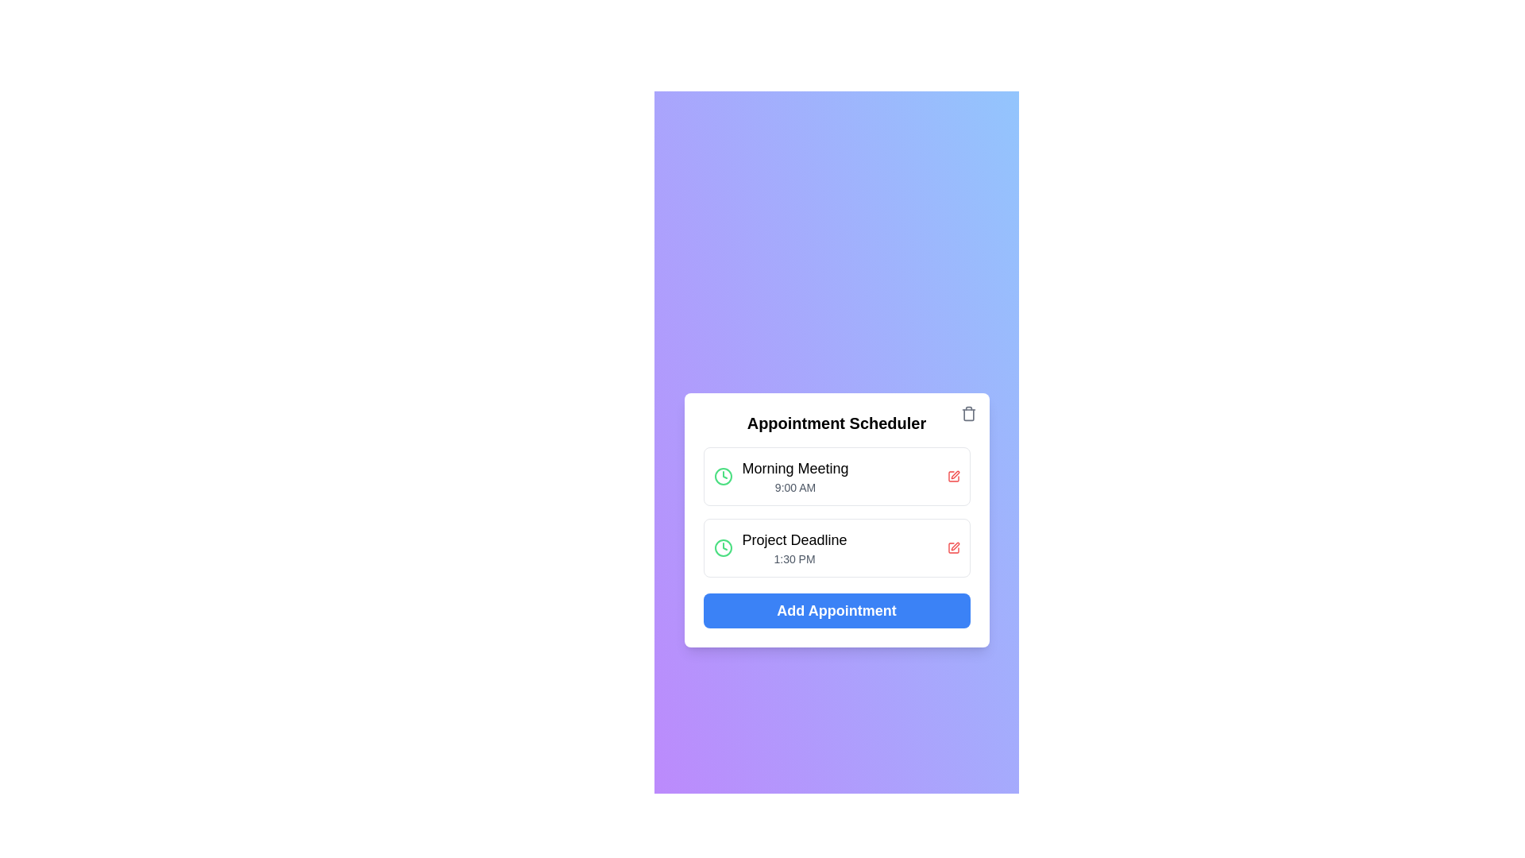 The height and width of the screenshot is (858, 1525). I want to click on the red edit button, which is a small square icon resembling a pen, located at the far right of the 'Project Deadline' task entry to initiate the edit action, so click(953, 547).